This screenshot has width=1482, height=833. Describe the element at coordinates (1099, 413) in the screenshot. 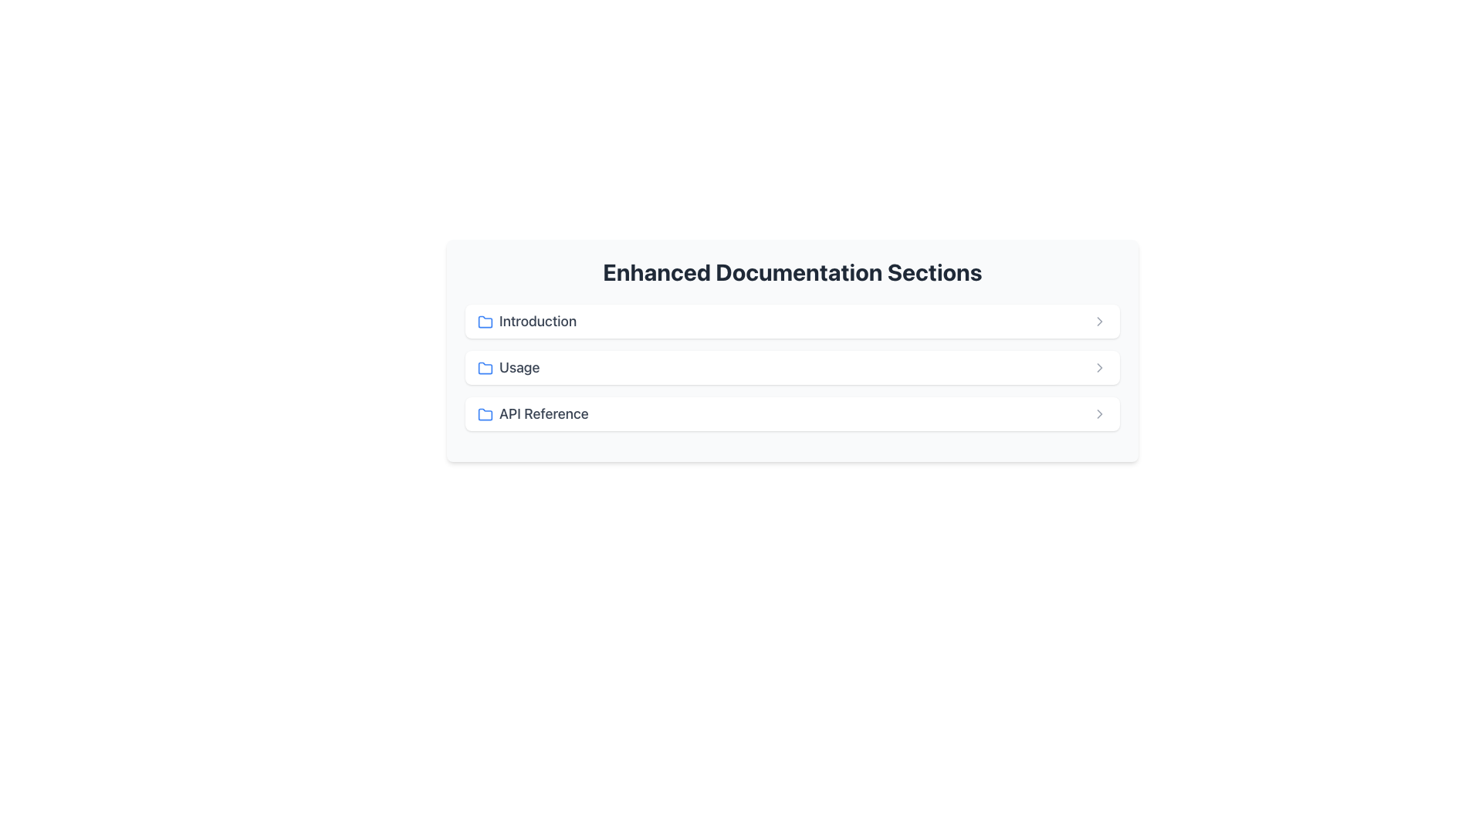

I see `the right-pointing chevron icon located inside the button next to the 'API Reference' text` at that location.